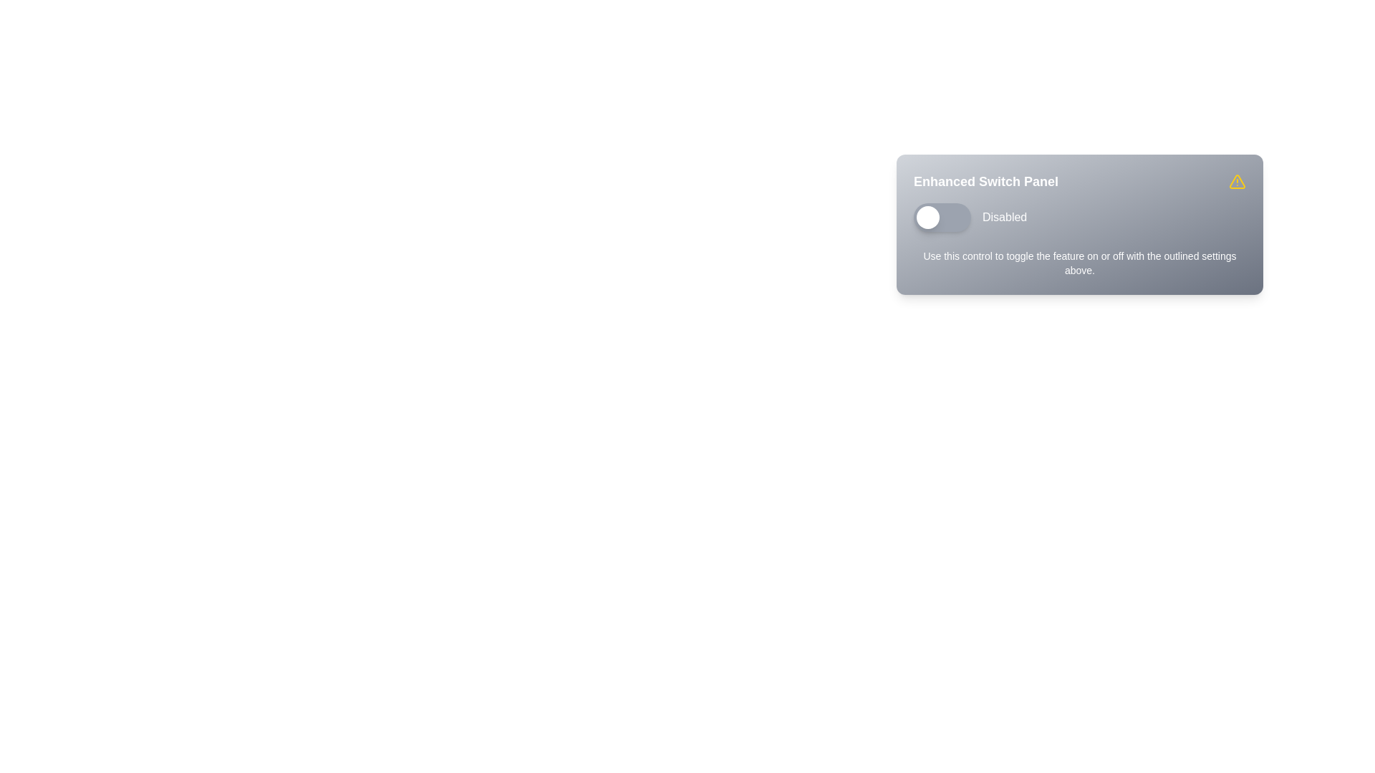 The image size is (1375, 773). What do you see at coordinates (1237, 181) in the screenshot?
I see `the triangular yellow warning icon with a hollow outline located in the top-right corner of the gray 'Enhanced Switch Panel'` at bounding box center [1237, 181].